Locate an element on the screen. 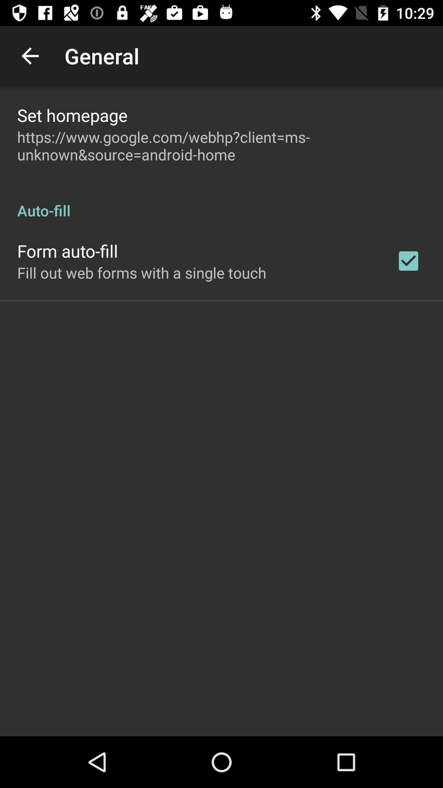 The height and width of the screenshot is (788, 443). item below form auto-fill app is located at coordinates (141, 273).